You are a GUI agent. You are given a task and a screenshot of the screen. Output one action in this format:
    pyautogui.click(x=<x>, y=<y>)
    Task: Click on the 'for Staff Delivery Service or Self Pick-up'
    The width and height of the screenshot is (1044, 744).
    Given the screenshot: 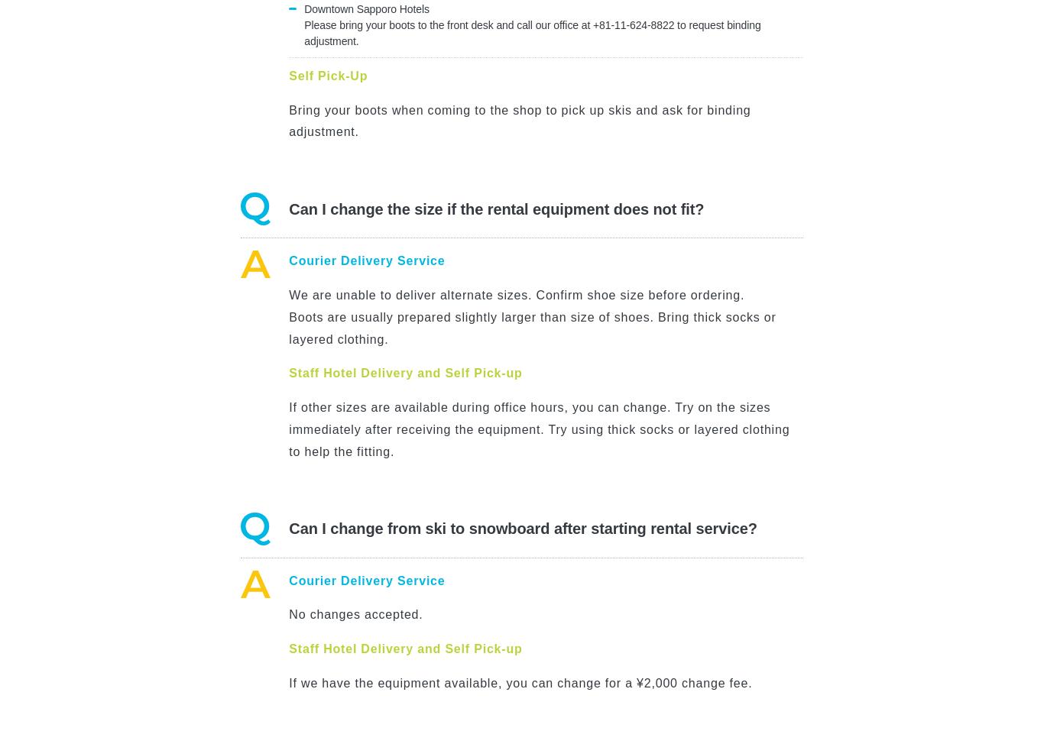 What is the action you would take?
    pyautogui.click(x=703, y=500)
    